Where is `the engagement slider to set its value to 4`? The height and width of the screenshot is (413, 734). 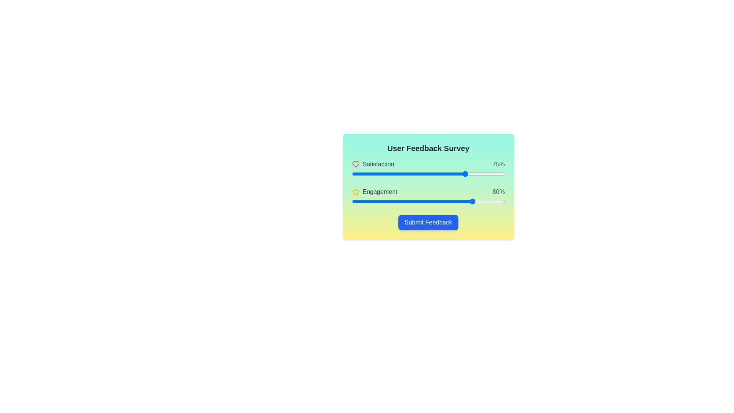 the engagement slider to set its value to 4 is located at coordinates (357, 201).